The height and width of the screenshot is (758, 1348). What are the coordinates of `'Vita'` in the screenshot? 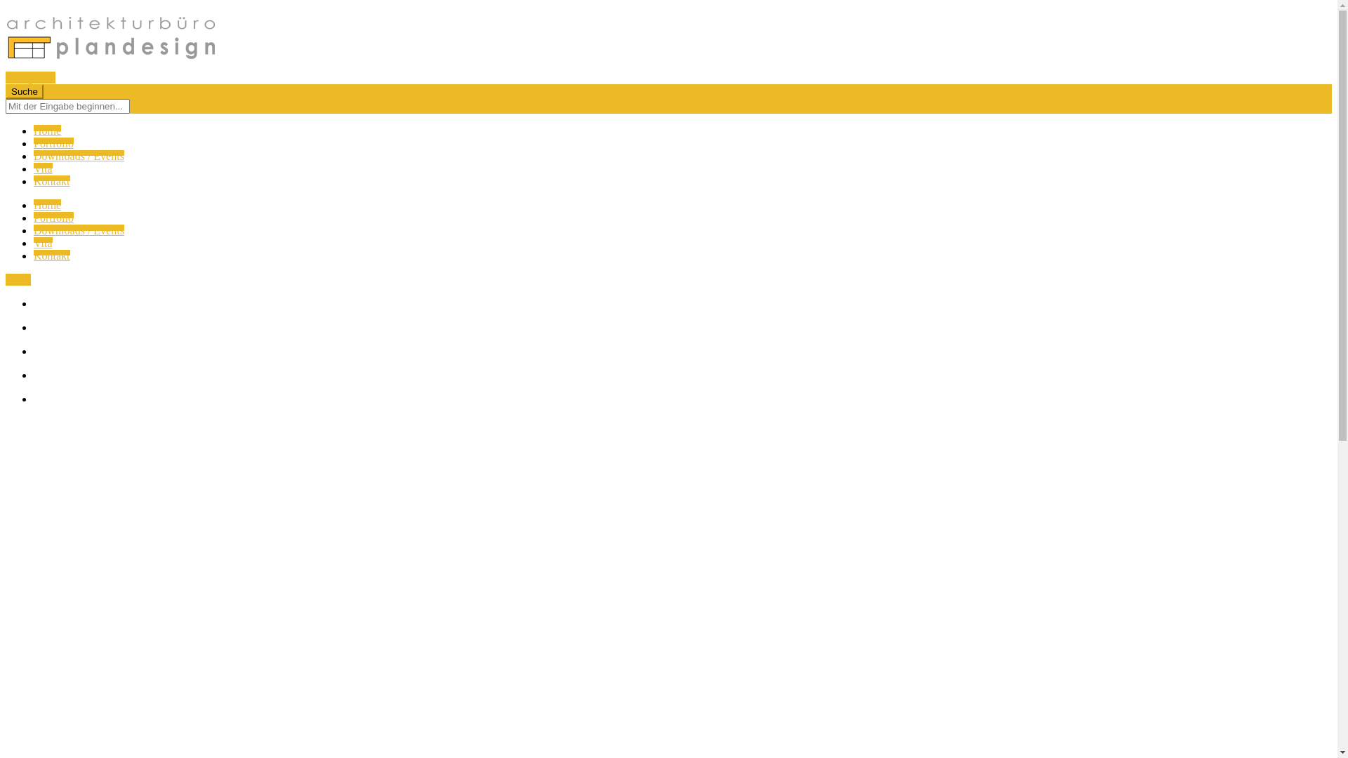 It's located at (43, 242).